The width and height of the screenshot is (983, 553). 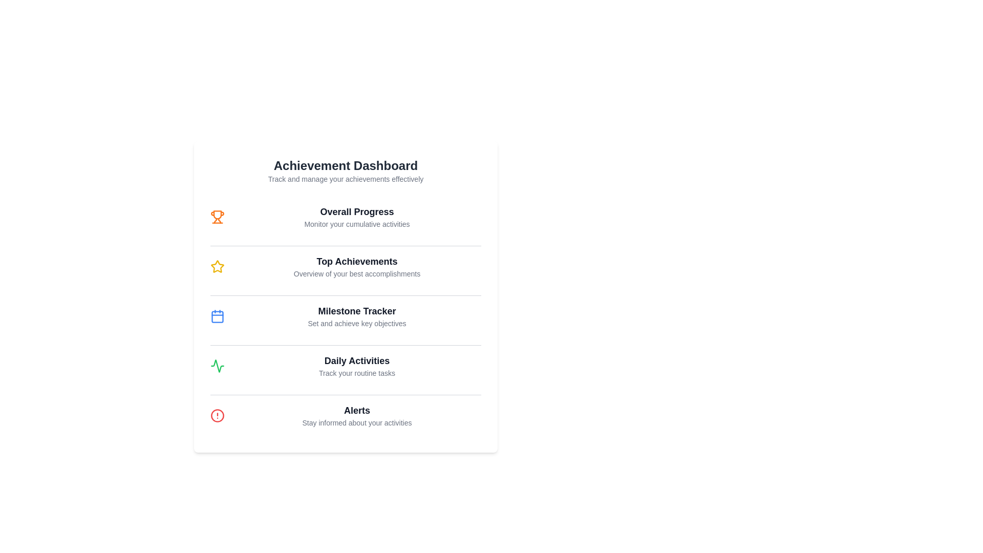 What do you see at coordinates (357, 266) in the screenshot?
I see `text from the Text block that serves as a heading and description for the user's top achievements, located between 'Overall Progress' and 'Milestone Tracker'` at bounding box center [357, 266].